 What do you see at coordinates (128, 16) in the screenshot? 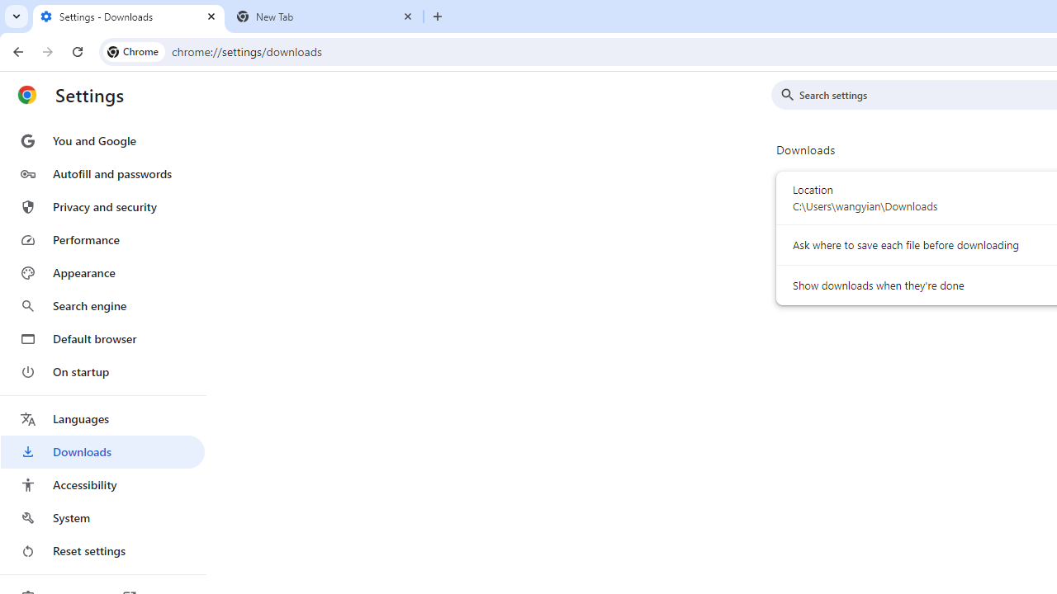
I see `'Settings - Downloads'` at bounding box center [128, 16].